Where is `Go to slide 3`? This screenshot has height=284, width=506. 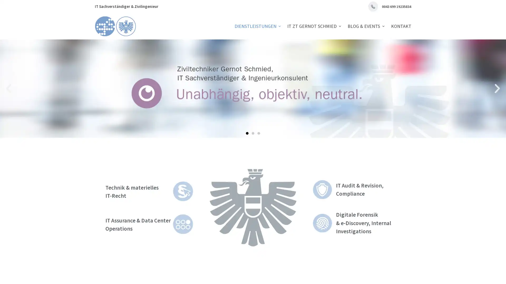 Go to slide 3 is located at coordinates (259, 133).